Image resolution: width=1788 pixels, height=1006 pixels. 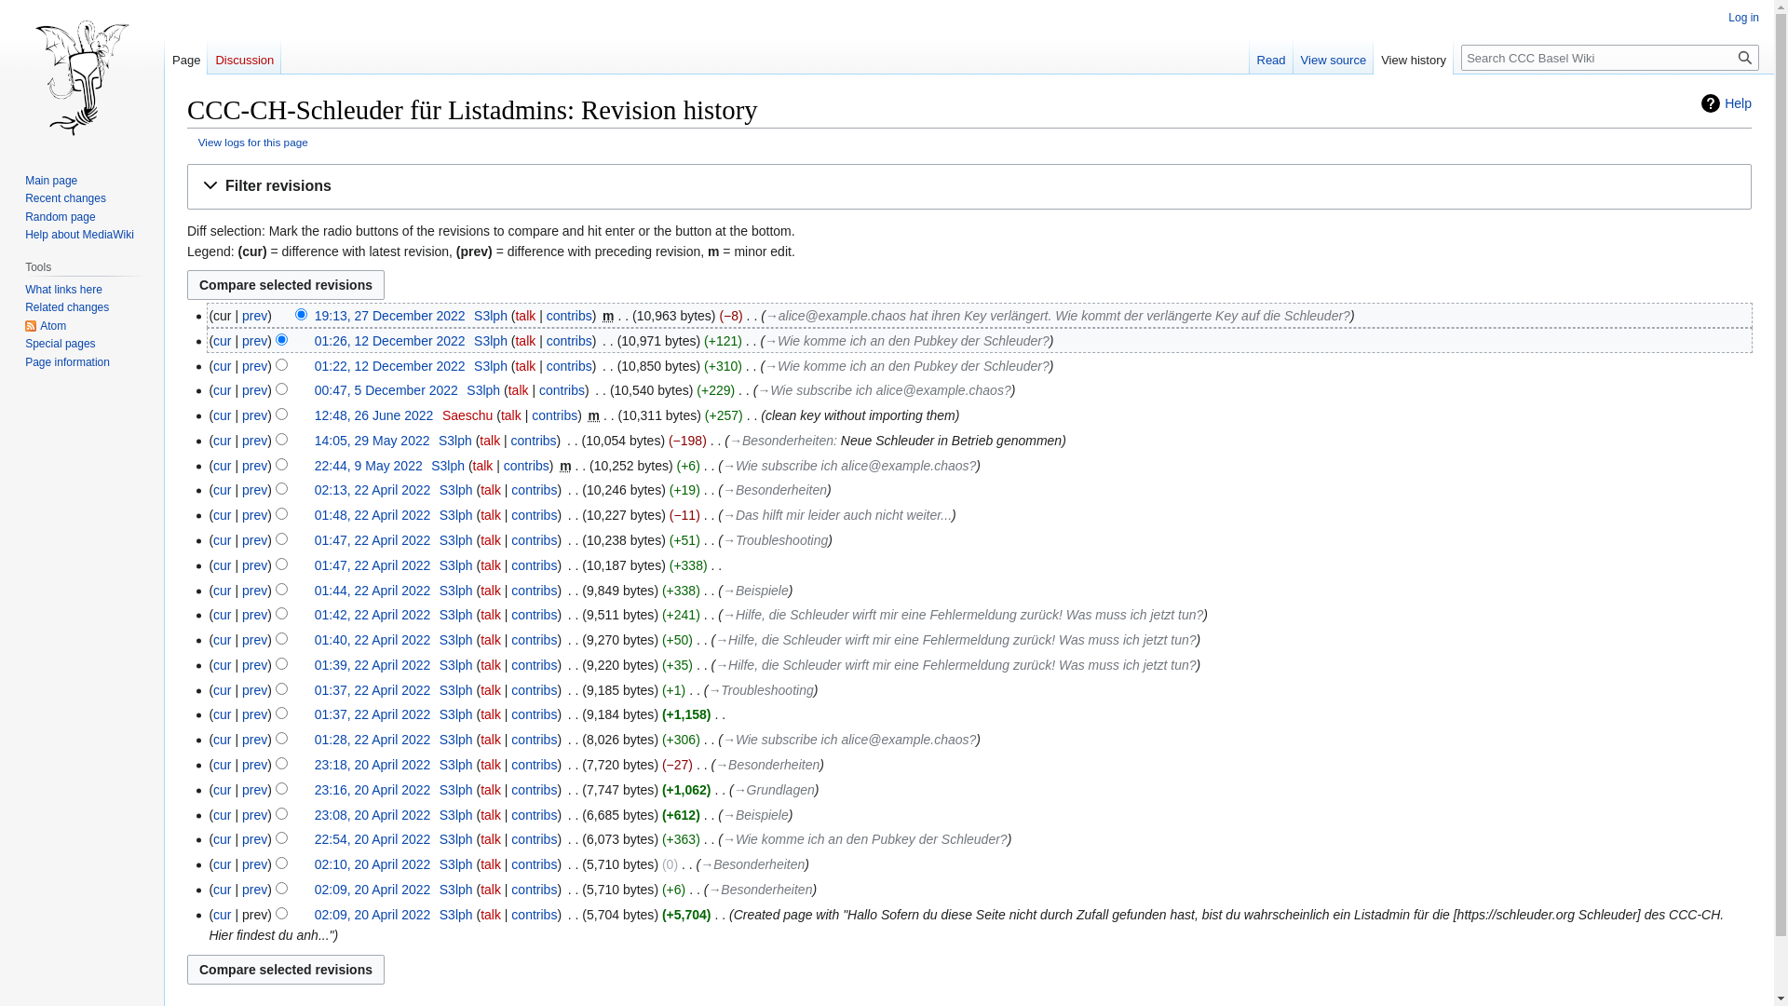 What do you see at coordinates (372, 914) in the screenshot?
I see `'02:09, 20 April 2022'` at bounding box center [372, 914].